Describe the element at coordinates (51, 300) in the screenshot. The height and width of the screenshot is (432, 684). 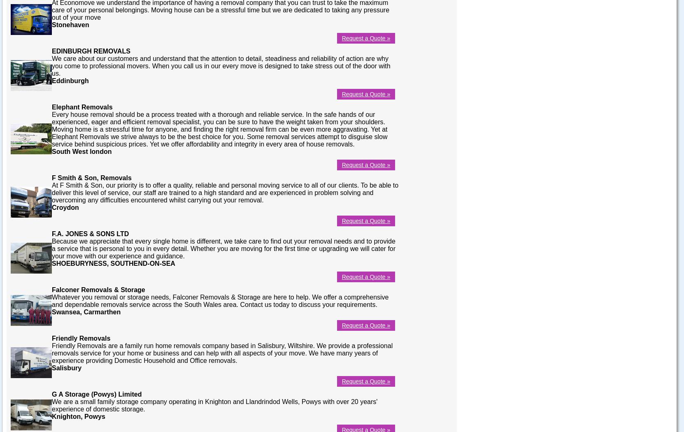
I see `'Whatever you removal or storage needs, Falconer Removals & Storage are here to help.

We offer a comprehensive and dependable removals service across the South Wales area. Contact us today to discuss your requirements.'` at that location.